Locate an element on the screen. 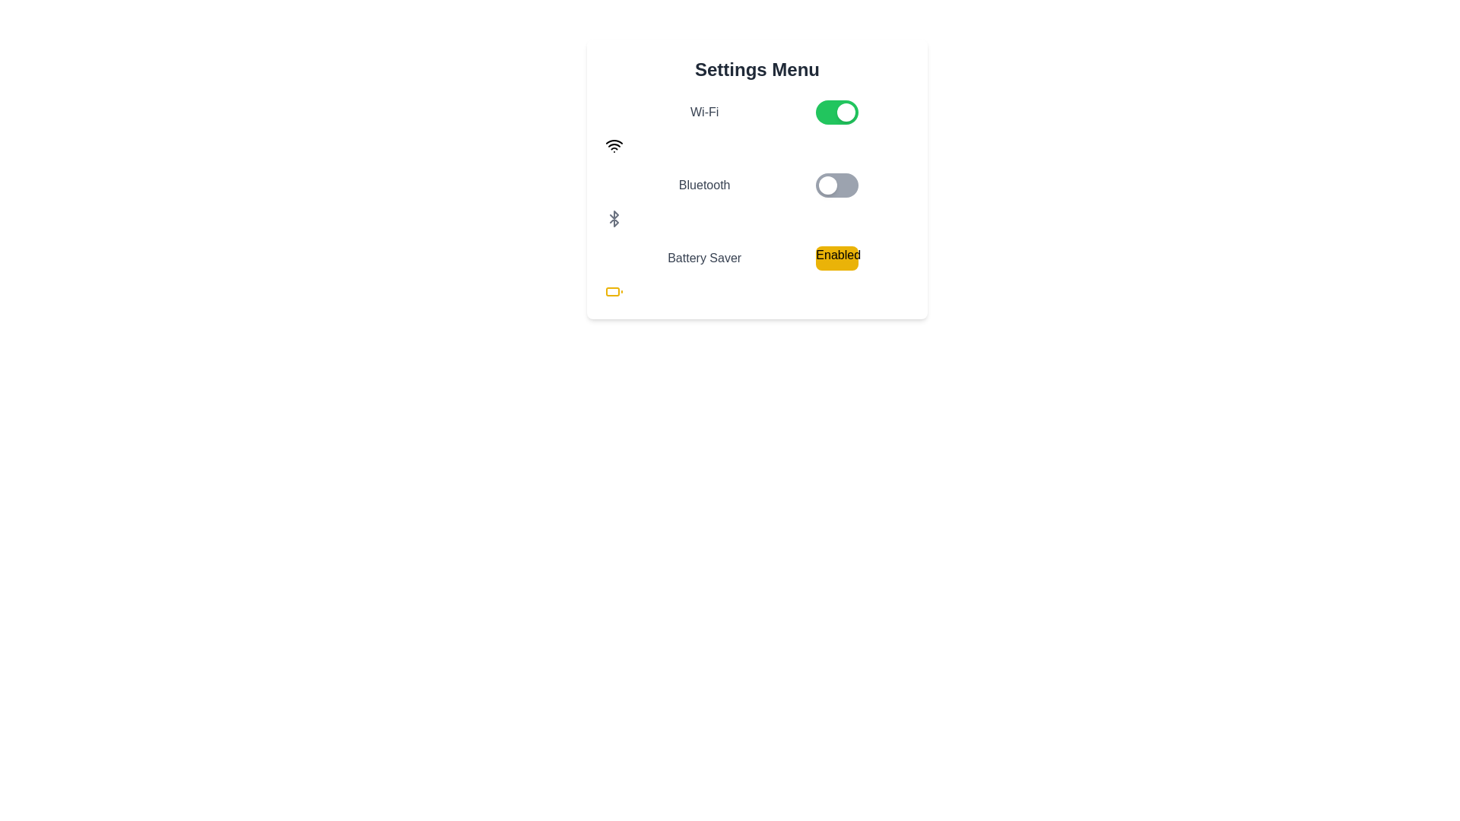  the Bluetooth toggle switch knob from its inactive position is located at coordinates (827, 184).